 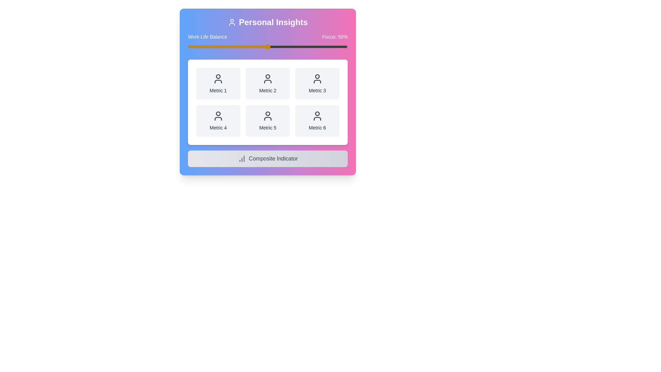 I want to click on the metric card labeled Metric 6, so click(x=317, y=121).